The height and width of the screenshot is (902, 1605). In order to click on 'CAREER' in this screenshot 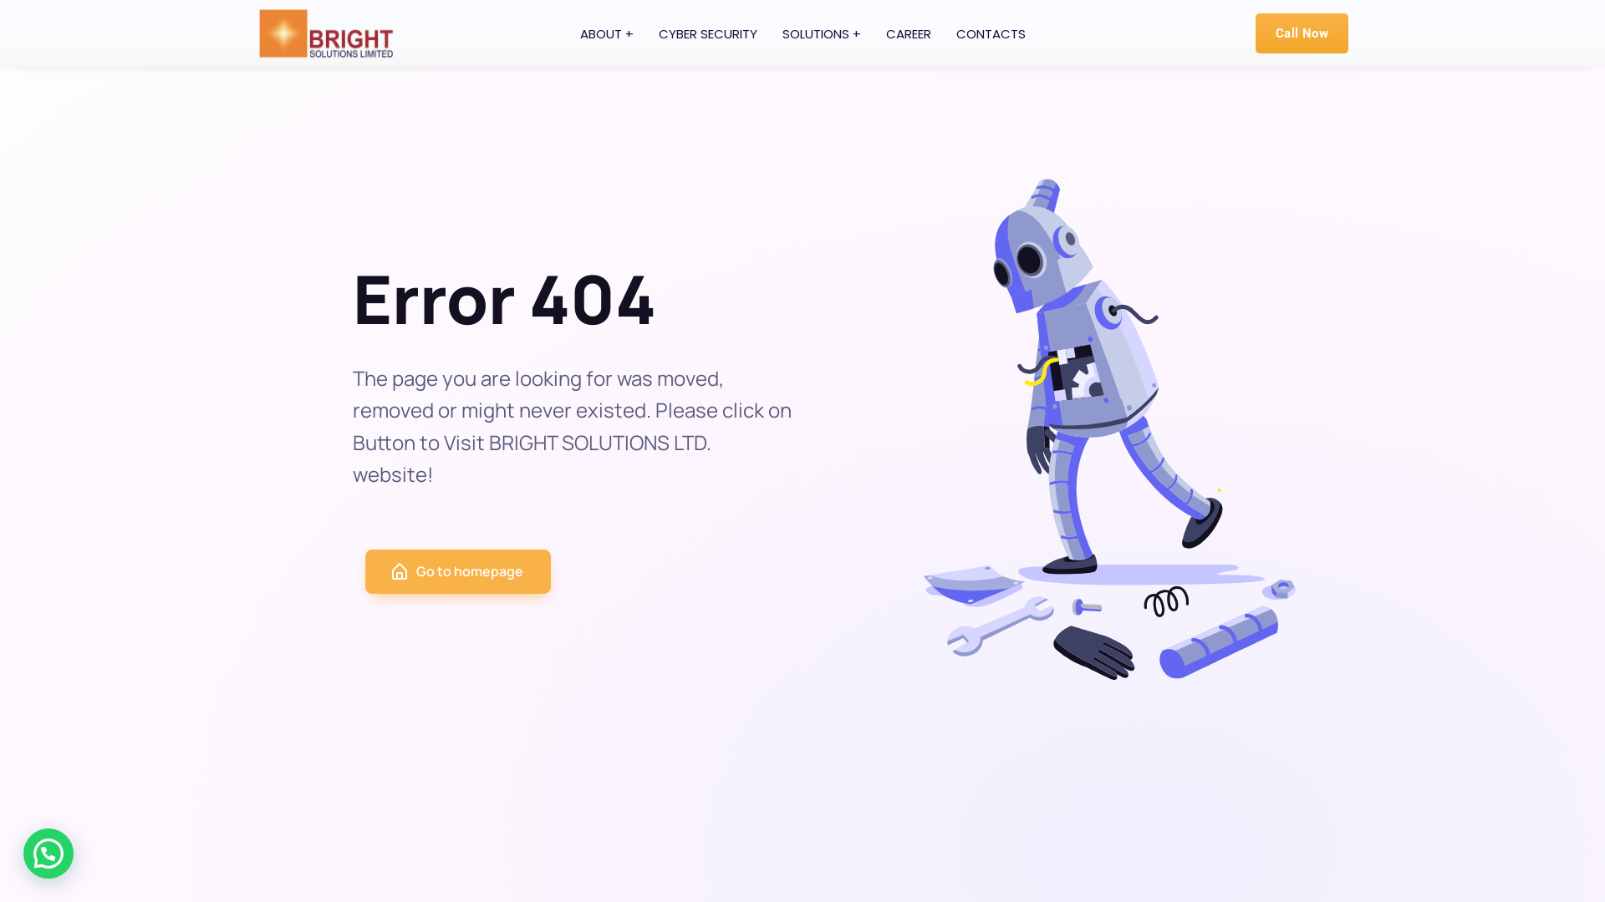, I will do `click(906, 33)`.